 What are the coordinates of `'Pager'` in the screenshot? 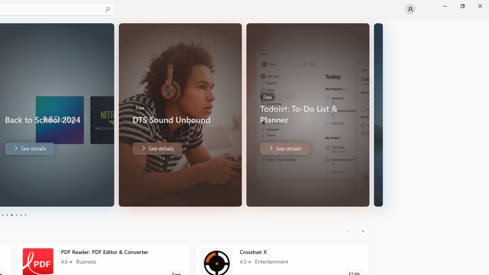 It's located at (13, 215).